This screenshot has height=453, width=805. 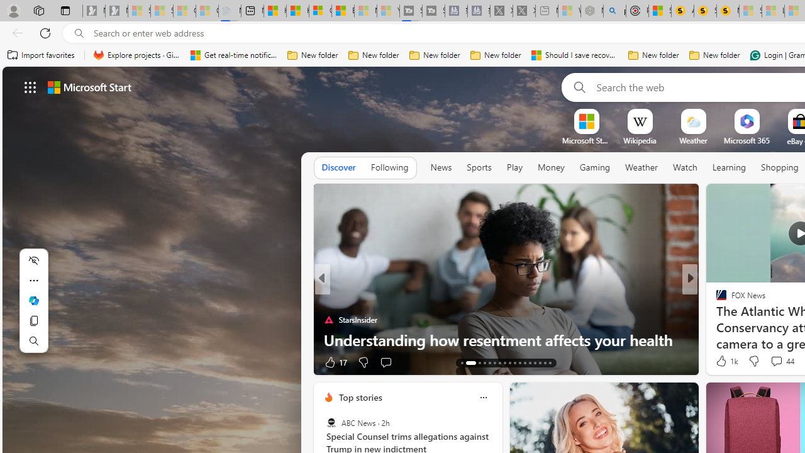 What do you see at coordinates (723, 362) in the screenshot?
I see `'79 Like'` at bounding box center [723, 362].